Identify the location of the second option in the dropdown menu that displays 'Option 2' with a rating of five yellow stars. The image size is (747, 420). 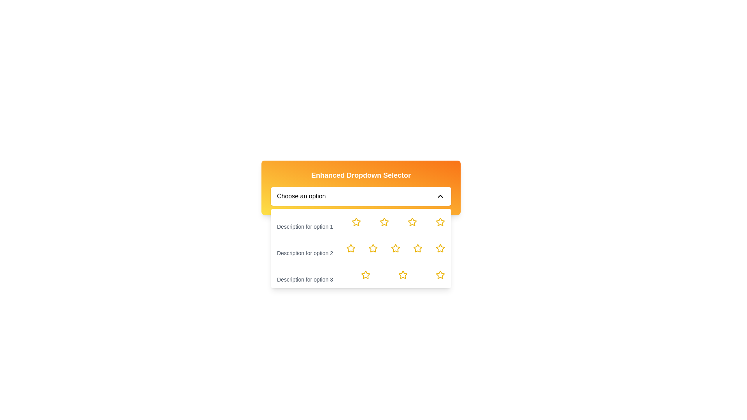
(360, 248).